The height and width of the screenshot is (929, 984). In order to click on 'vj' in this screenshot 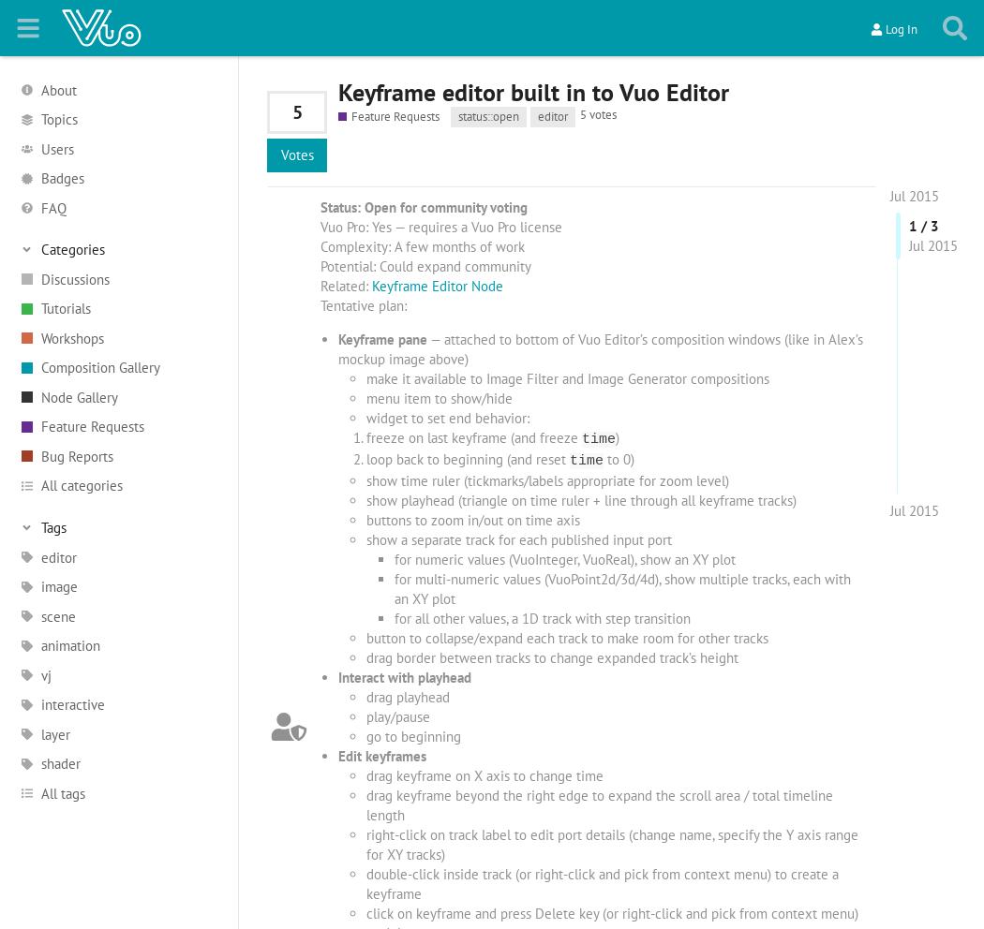, I will do `click(39, 674)`.